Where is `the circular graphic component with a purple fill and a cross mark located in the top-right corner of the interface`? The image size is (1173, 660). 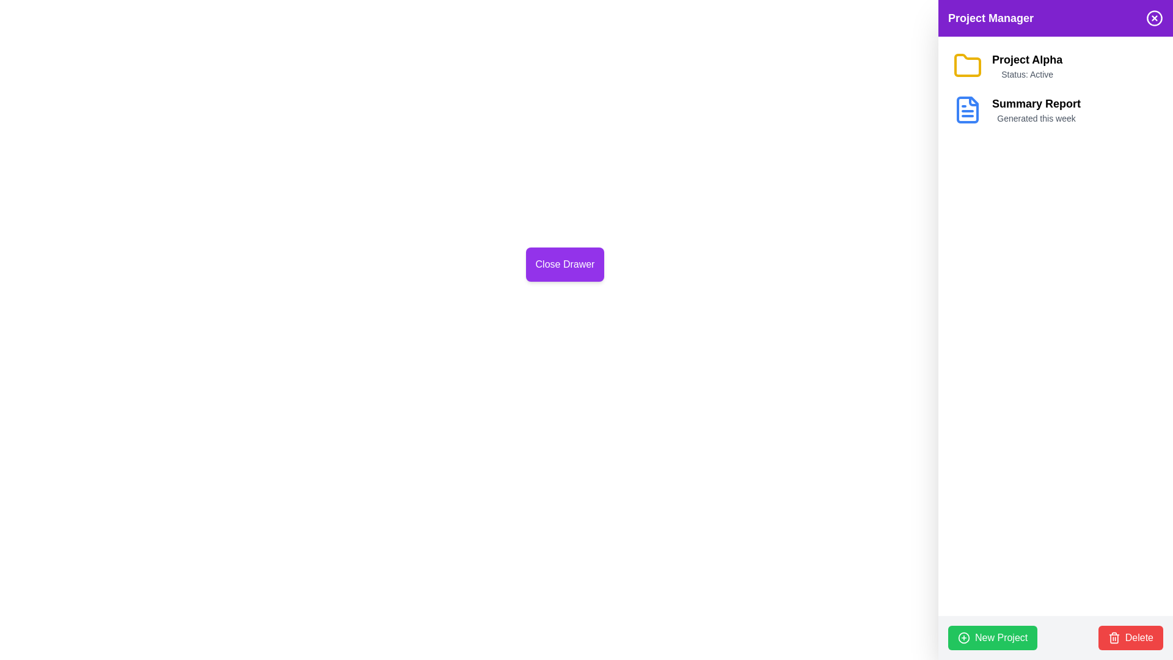 the circular graphic component with a purple fill and a cross mark located in the top-right corner of the interface is located at coordinates (1154, 18).